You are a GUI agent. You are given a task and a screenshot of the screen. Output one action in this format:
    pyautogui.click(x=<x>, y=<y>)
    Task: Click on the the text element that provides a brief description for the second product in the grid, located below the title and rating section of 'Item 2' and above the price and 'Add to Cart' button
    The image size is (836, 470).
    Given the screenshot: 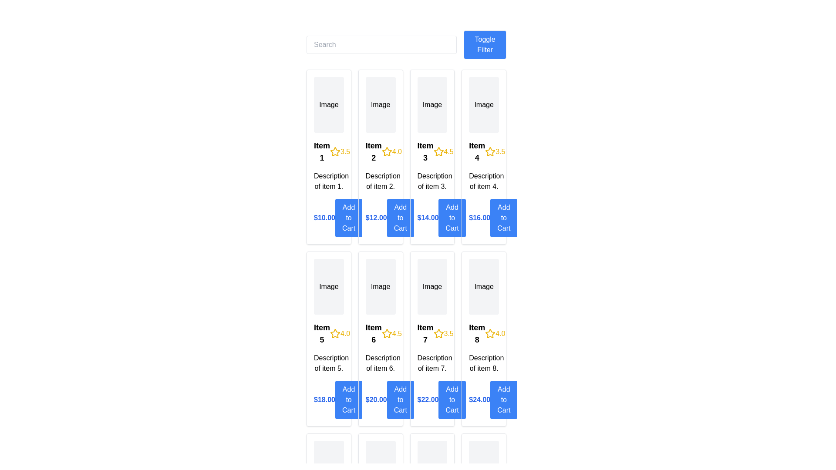 What is the action you would take?
    pyautogui.click(x=381, y=181)
    